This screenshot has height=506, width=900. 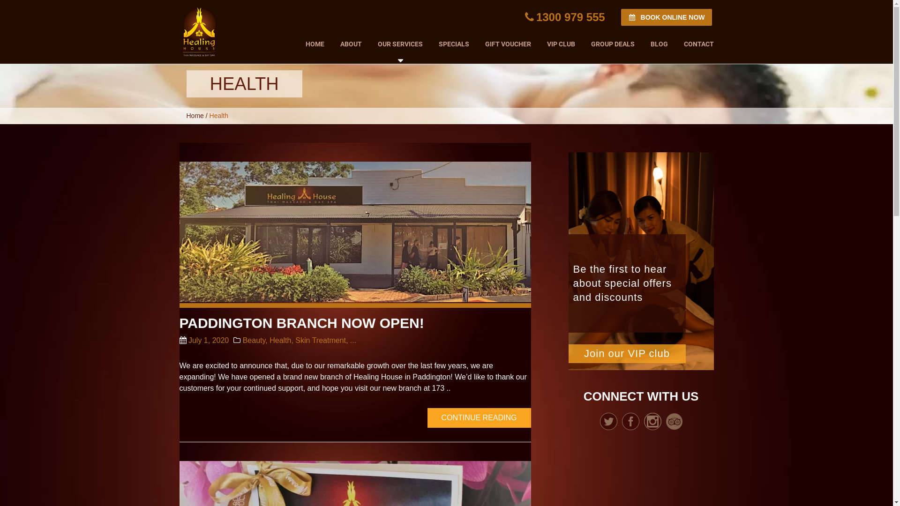 What do you see at coordinates (315, 41) in the screenshot?
I see `'HOME'` at bounding box center [315, 41].